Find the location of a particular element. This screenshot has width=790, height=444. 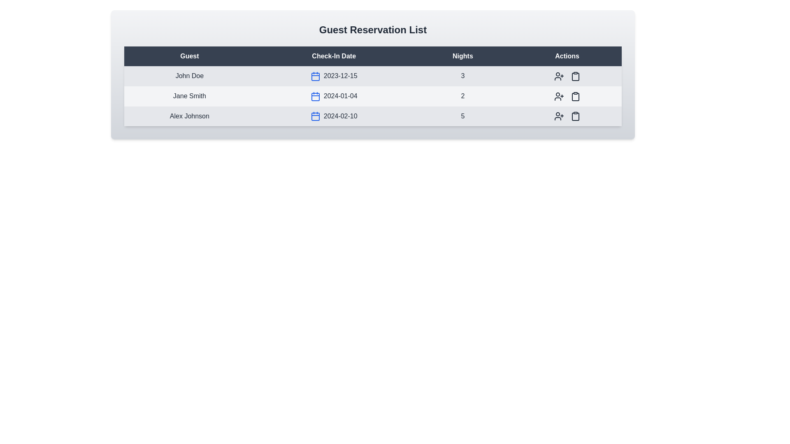

the clipboard icon-button in the 'Actions' column of the second row corresponding to guest 'Jane Smith' is located at coordinates (575, 76).